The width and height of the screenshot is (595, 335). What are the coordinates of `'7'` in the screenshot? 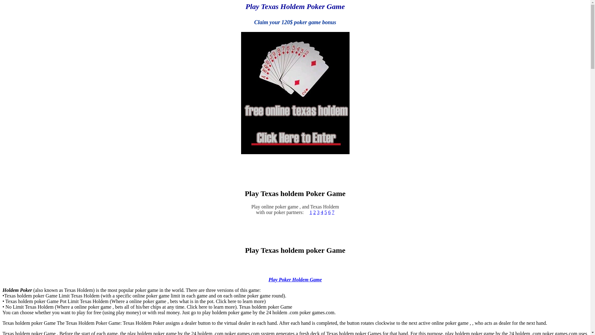 It's located at (333, 212).